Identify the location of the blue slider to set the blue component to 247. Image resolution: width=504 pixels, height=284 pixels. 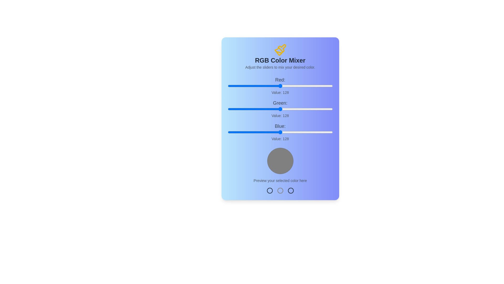
(329, 132).